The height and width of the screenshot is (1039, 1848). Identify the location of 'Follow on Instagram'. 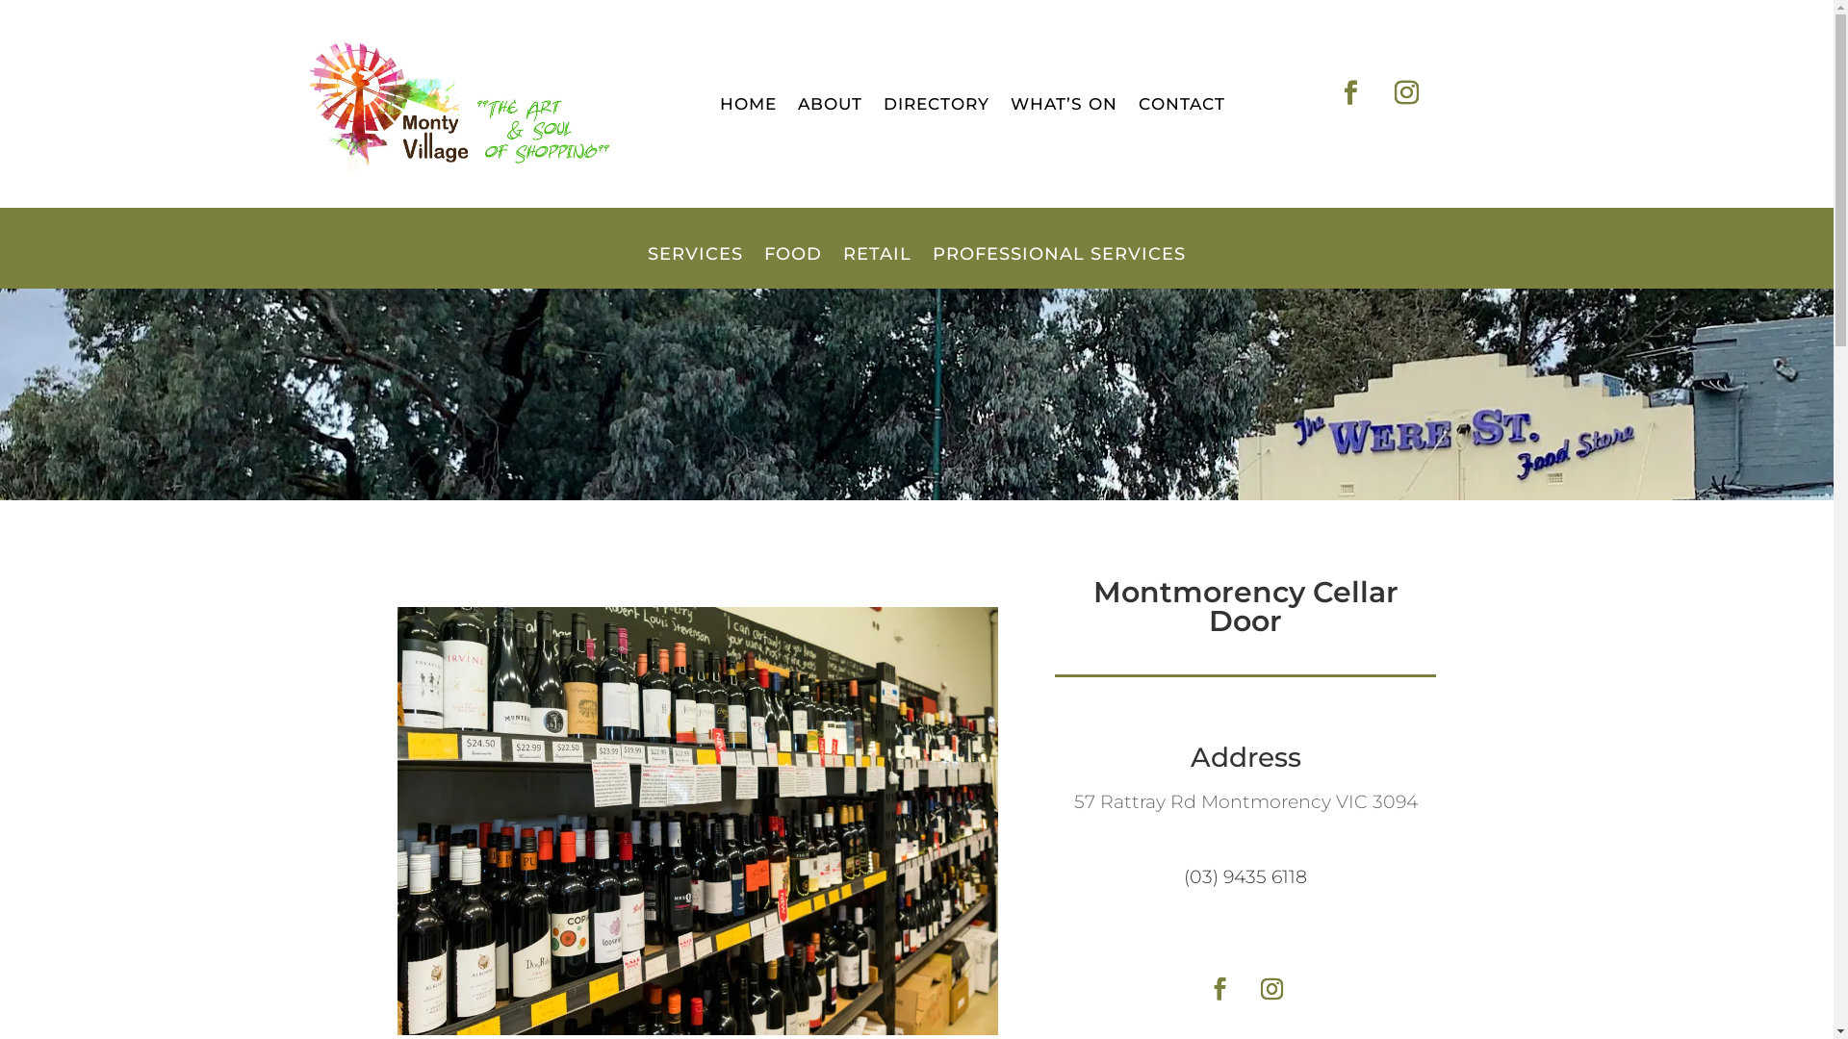
(1405, 92).